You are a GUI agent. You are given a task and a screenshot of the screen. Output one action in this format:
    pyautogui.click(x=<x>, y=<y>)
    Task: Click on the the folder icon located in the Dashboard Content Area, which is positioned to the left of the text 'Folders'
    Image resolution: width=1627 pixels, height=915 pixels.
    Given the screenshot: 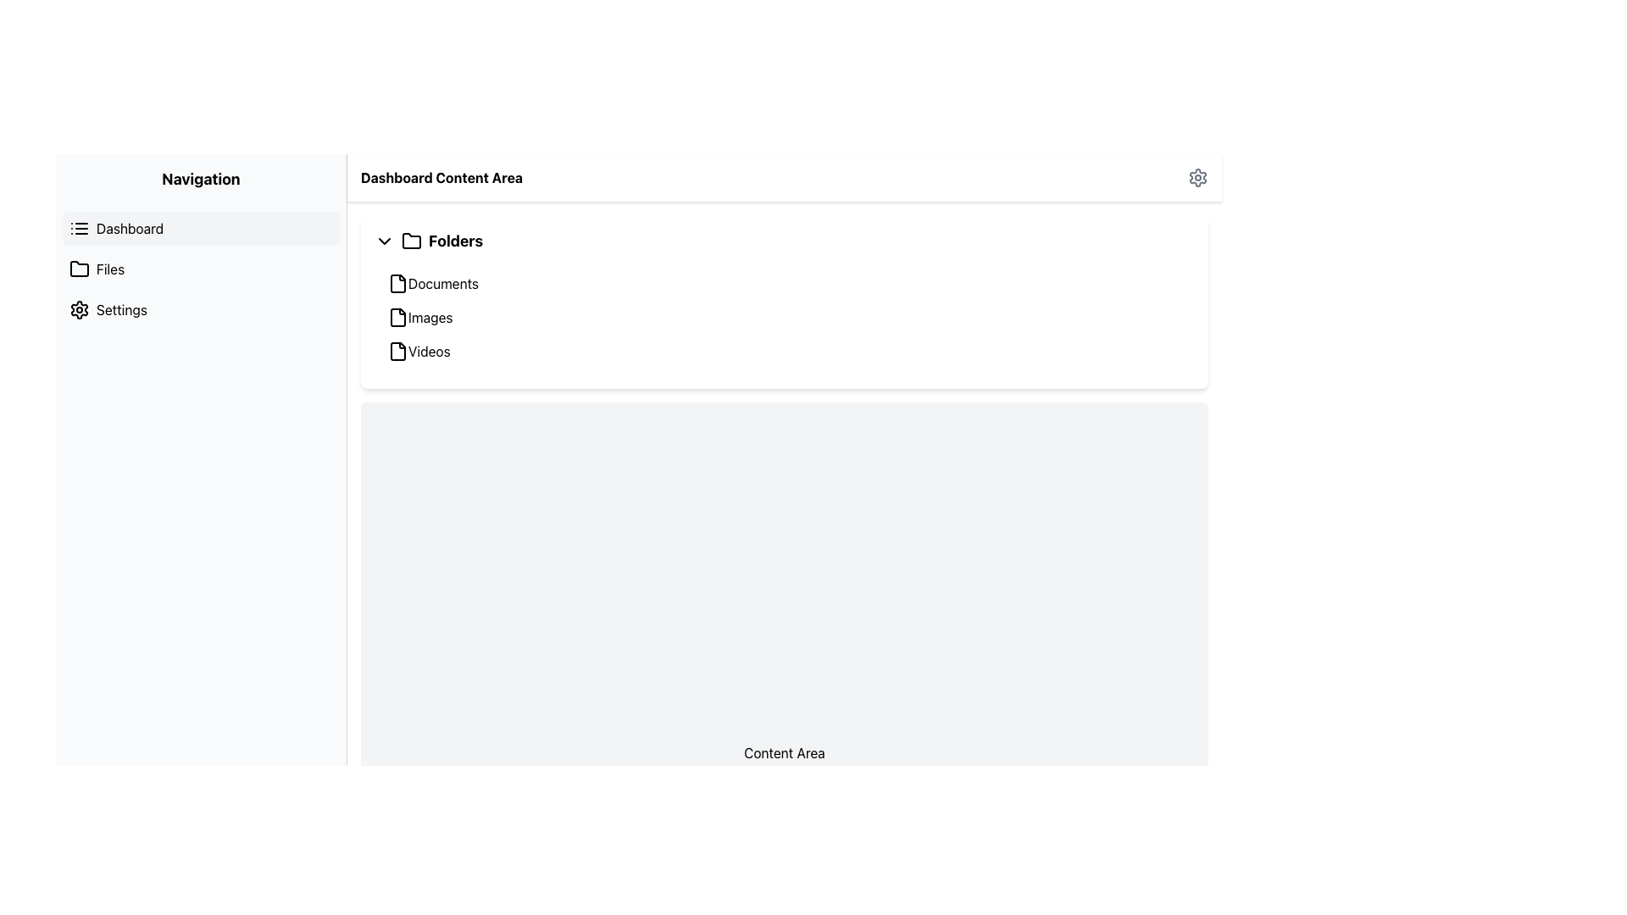 What is the action you would take?
    pyautogui.click(x=411, y=241)
    